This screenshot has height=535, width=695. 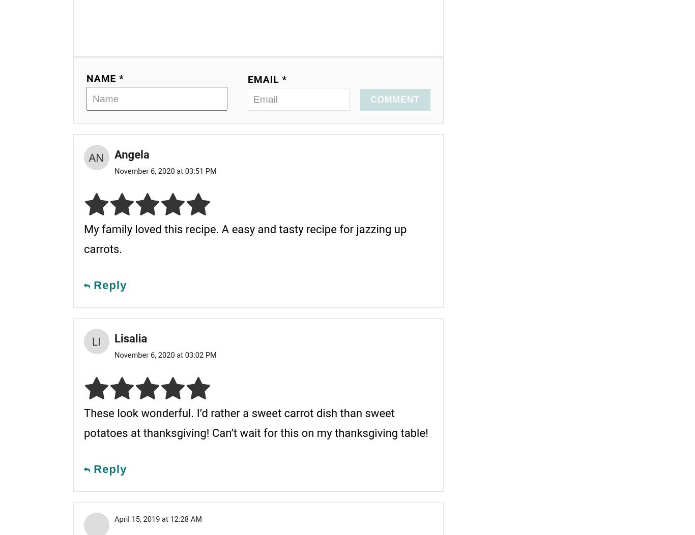 I want to click on 'Name *', so click(x=104, y=78).